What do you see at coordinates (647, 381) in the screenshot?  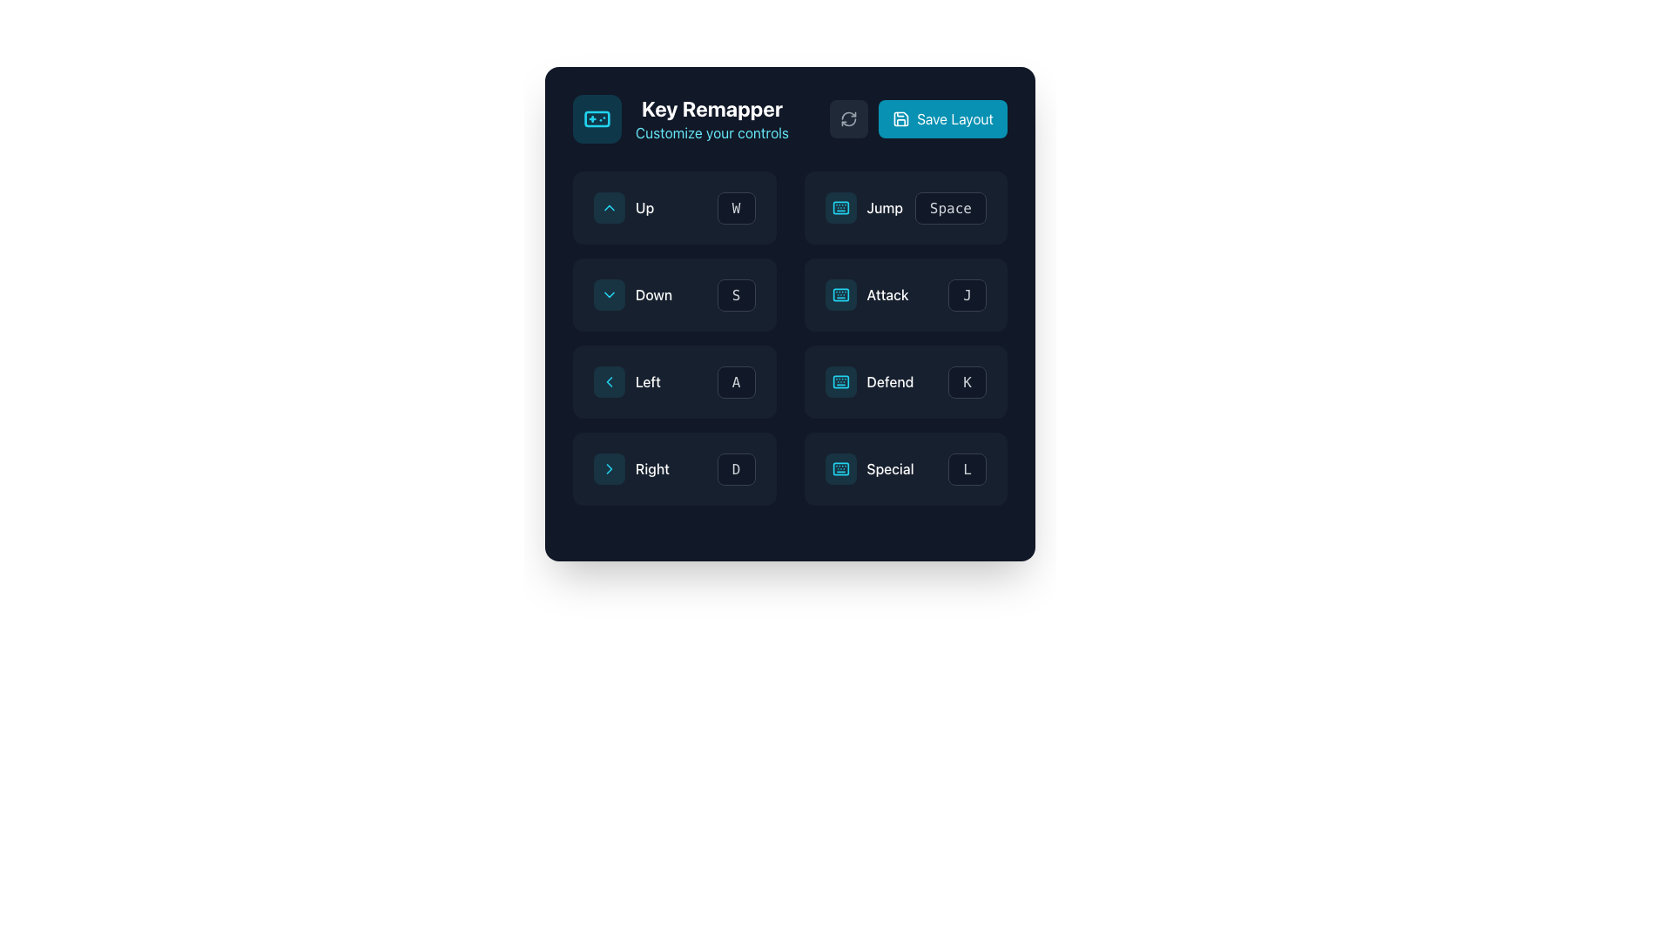 I see `text from the 'Left' navigation label, which is positioned in the second column of the key remapping interface, adjacent to a left-pointing arrow and the letter 'A'` at bounding box center [647, 381].